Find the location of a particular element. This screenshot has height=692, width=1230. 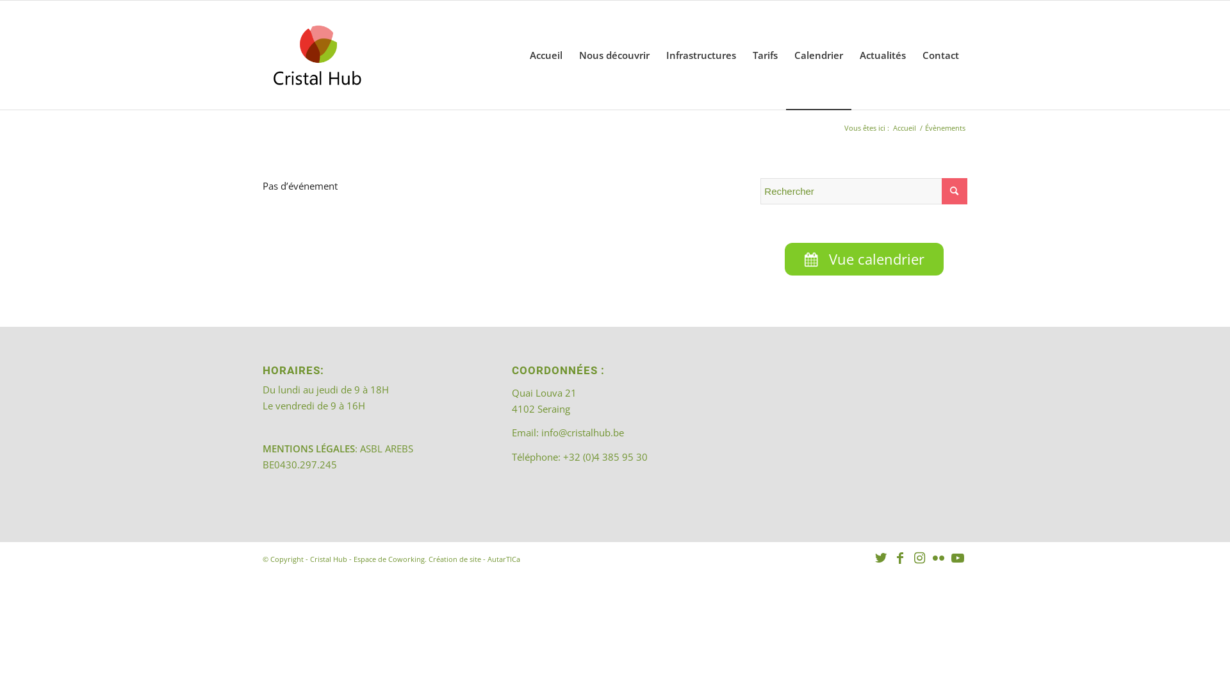

'info@cristalhub.be' is located at coordinates (582, 432).